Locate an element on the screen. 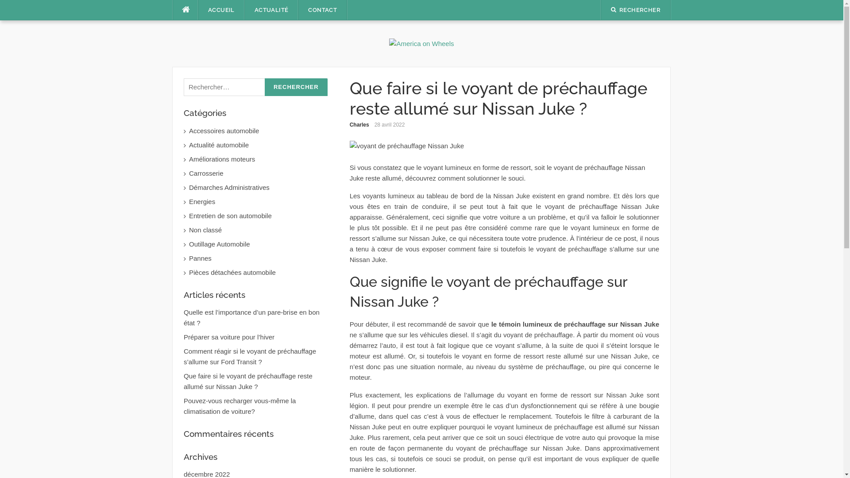 The height and width of the screenshot is (478, 850). 'ACCUEIL' is located at coordinates (221, 10).